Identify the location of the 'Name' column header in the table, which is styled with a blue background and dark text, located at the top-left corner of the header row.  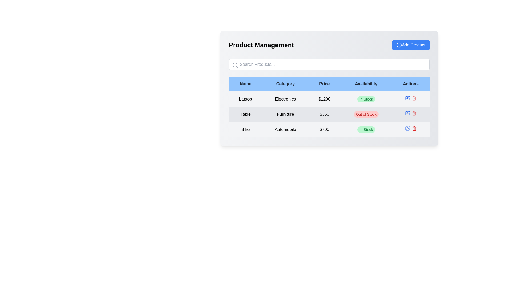
(245, 84).